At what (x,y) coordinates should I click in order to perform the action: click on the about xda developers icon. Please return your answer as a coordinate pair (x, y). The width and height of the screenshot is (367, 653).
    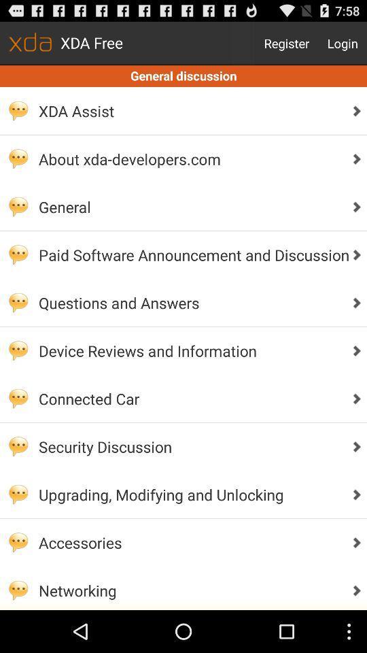
    Looking at the image, I should click on (190, 158).